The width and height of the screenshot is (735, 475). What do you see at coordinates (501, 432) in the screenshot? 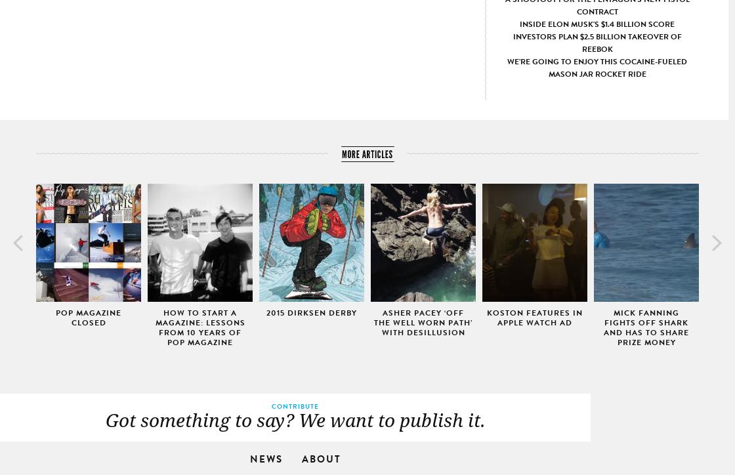
I see `'@Alay - yeah, it was a Quik sub-brand. It was killed when they started the restructure plan about 18 months back.'` at bounding box center [501, 432].